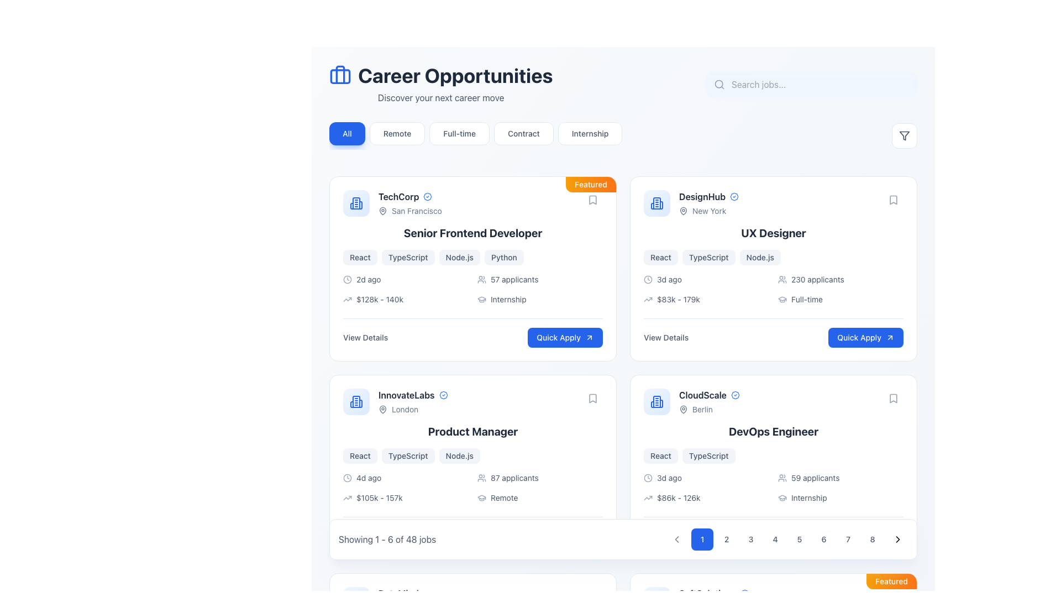 Image resolution: width=1061 pixels, height=597 pixels. I want to click on the minimalistic pin icon representing a location marker, located to the left of the 'Berlin' label in the 'CloudScale' job listing card for 'DevOps Engineer', so click(683, 409).